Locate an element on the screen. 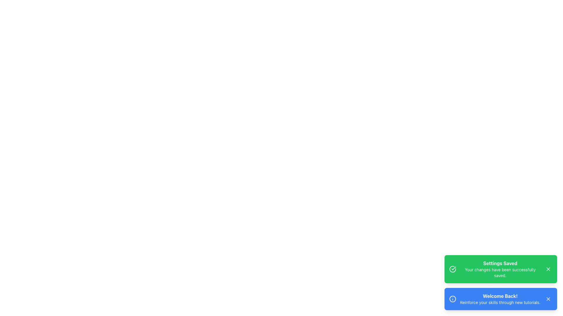 Image resolution: width=563 pixels, height=316 pixels. the small cross icon with a green background in the top-right corner of the 'Settings Saved.' notification banner is located at coordinates (548, 269).